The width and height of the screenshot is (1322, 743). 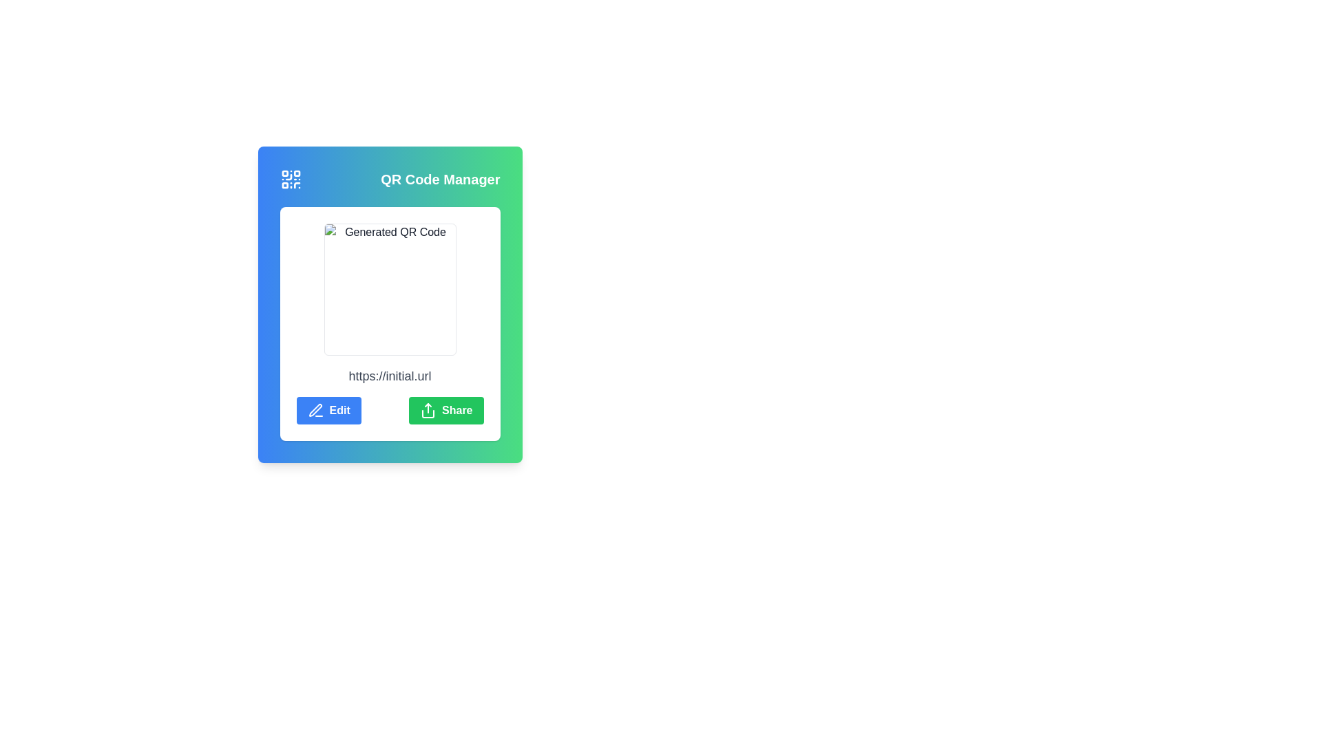 I want to click on the rectangular blue button labeled 'Edit' with a pen icon on its left side to initiate editing, so click(x=328, y=410).